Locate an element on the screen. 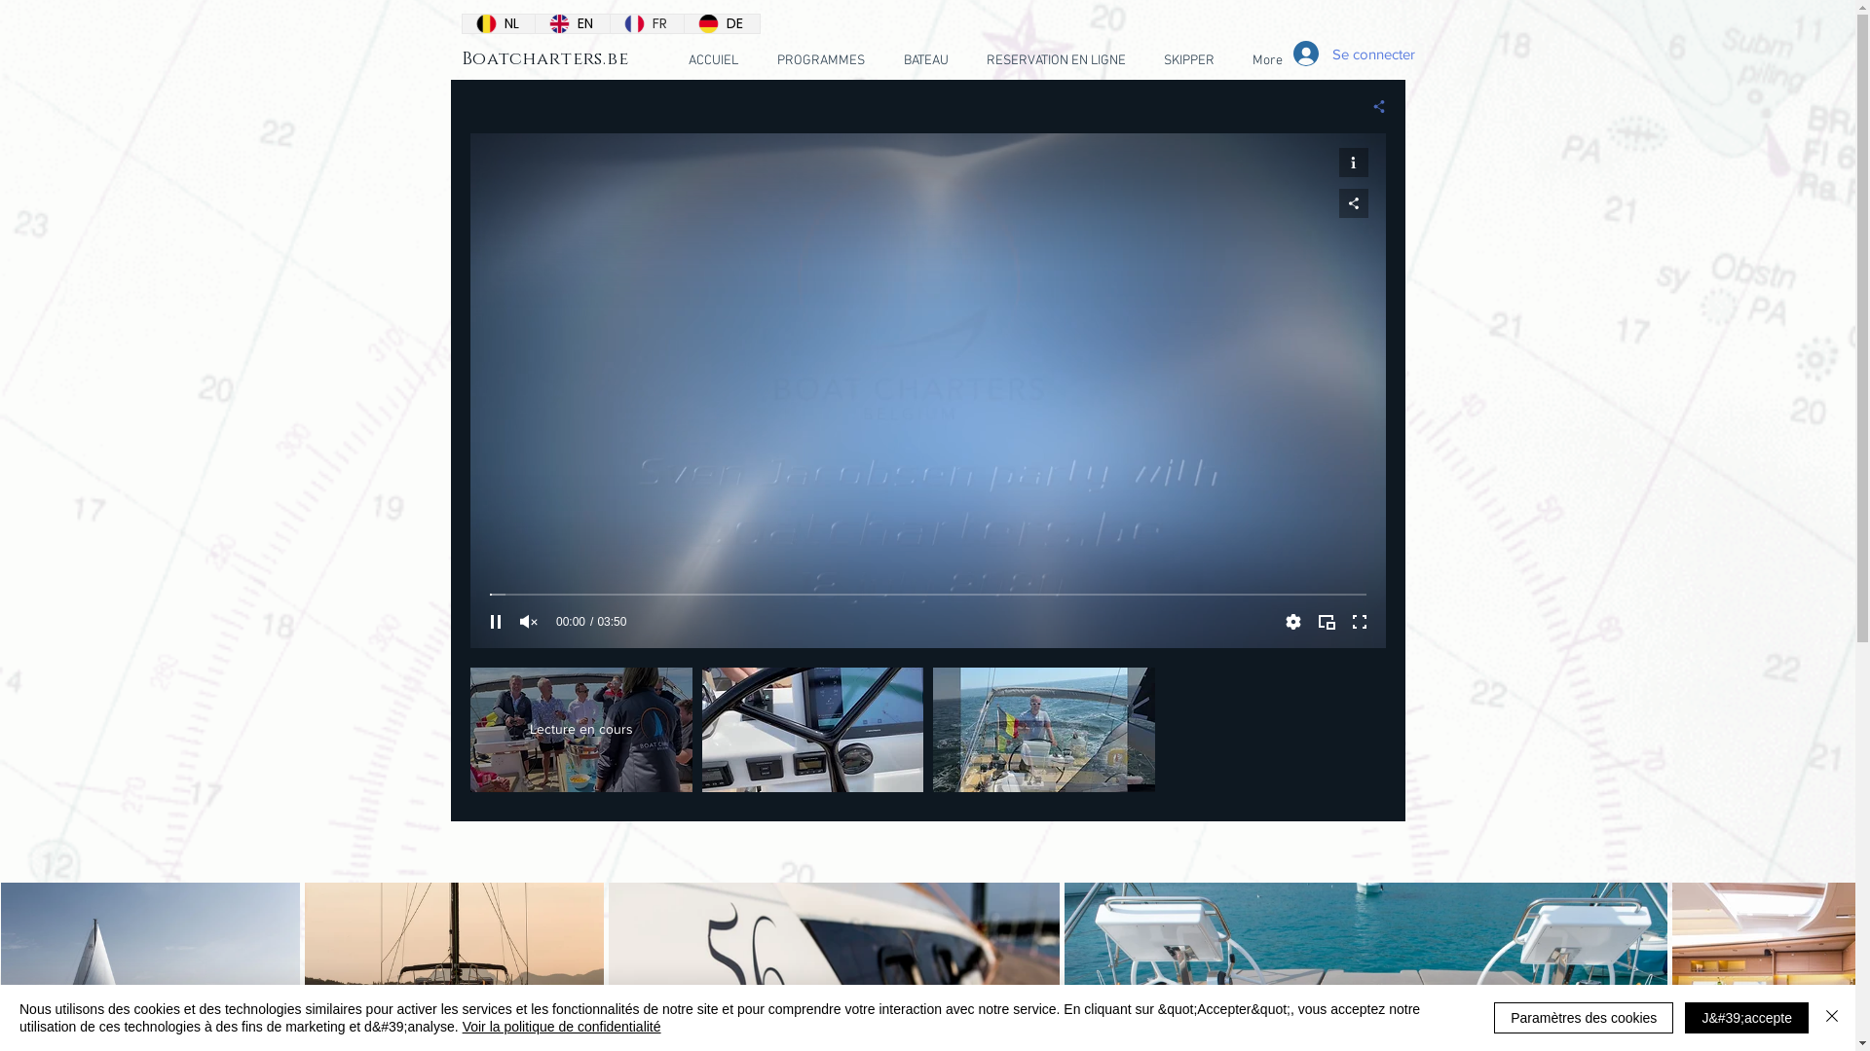 This screenshot has width=1870, height=1051. 'RESERVATION EN LIGNE' is located at coordinates (1055, 59).